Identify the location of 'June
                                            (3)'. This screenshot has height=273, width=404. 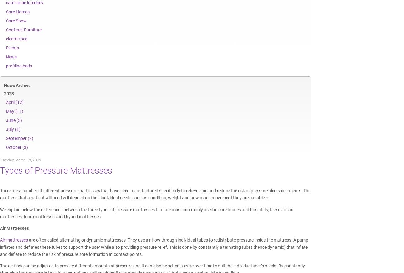
(13, 120).